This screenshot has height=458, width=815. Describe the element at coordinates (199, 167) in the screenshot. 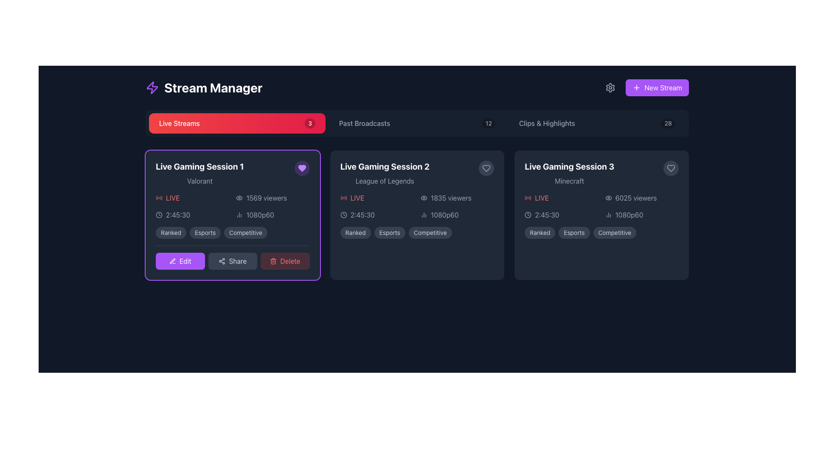

I see `title of the card which displays 'Live Gaming Session 1', located at the top of the first card in the horizontal list of sessions` at that location.